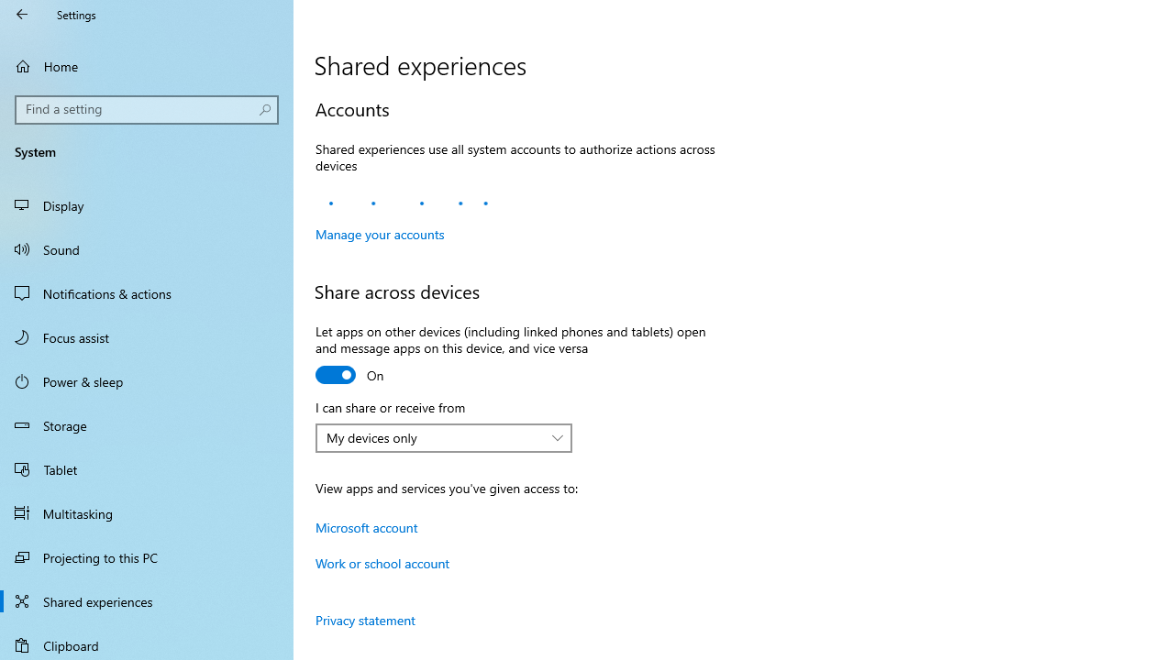 The height and width of the screenshot is (660, 1174). What do you see at coordinates (379, 233) in the screenshot?
I see `'Manage your accounts'` at bounding box center [379, 233].